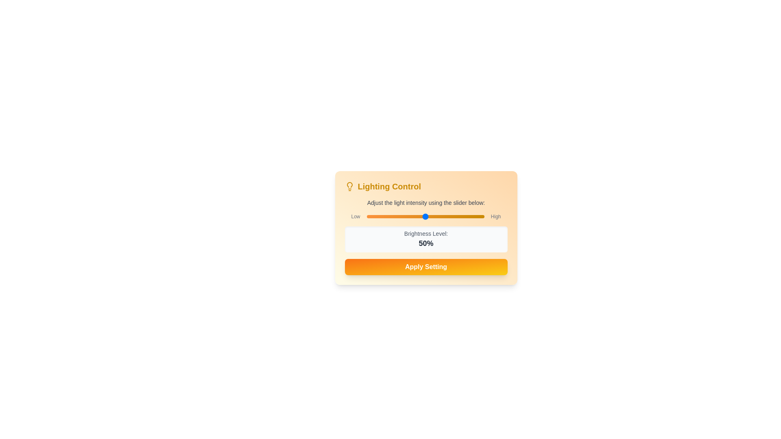  I want to click on the slider, so click(417, 216).